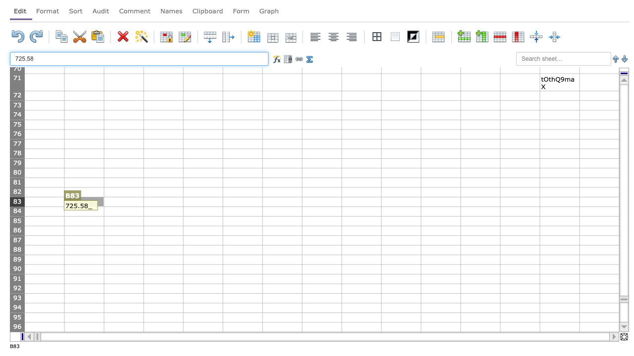 Image resolution: width=634 pixels, height=356 pixels. What do you see at coordinates (183, 332) in the screenshot?
I see `fill handle of cell D96` at bounding box center [183, 332].